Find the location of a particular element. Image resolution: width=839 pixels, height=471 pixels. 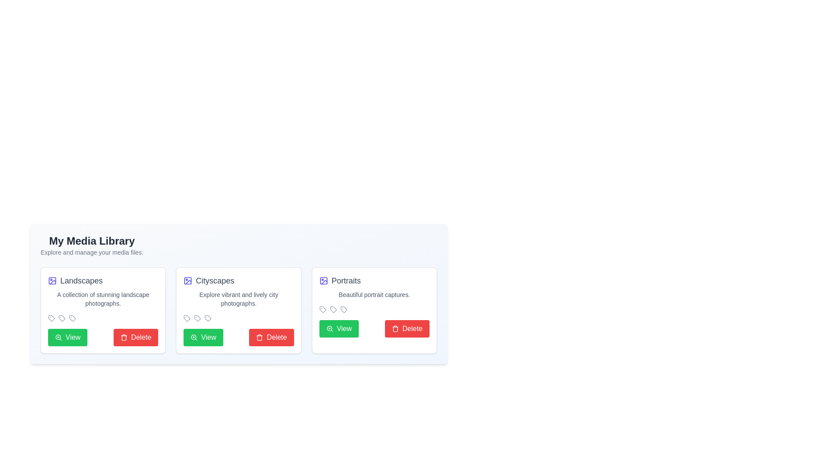

the Tag Icon, which is a small, gray, tag-shaped component located at the center of the horizontal group of icons near the top of the 'Landscapes' card is located at coordinates (62, 318).